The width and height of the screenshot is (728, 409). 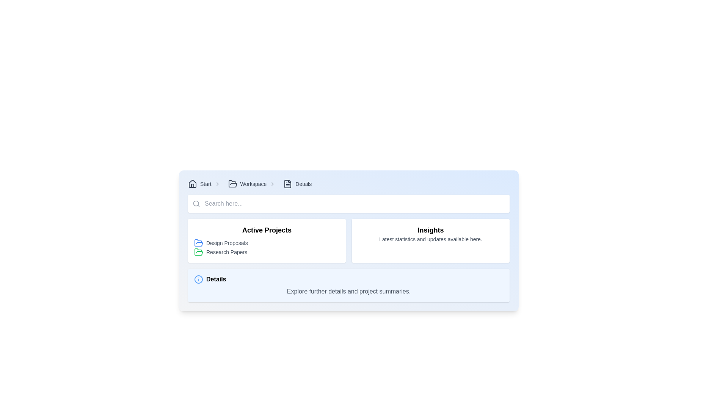 I want to click on the 'home' SVG-based icon located at the top-left corner of the navigation breadcrumb, so click(x=193, y=184).